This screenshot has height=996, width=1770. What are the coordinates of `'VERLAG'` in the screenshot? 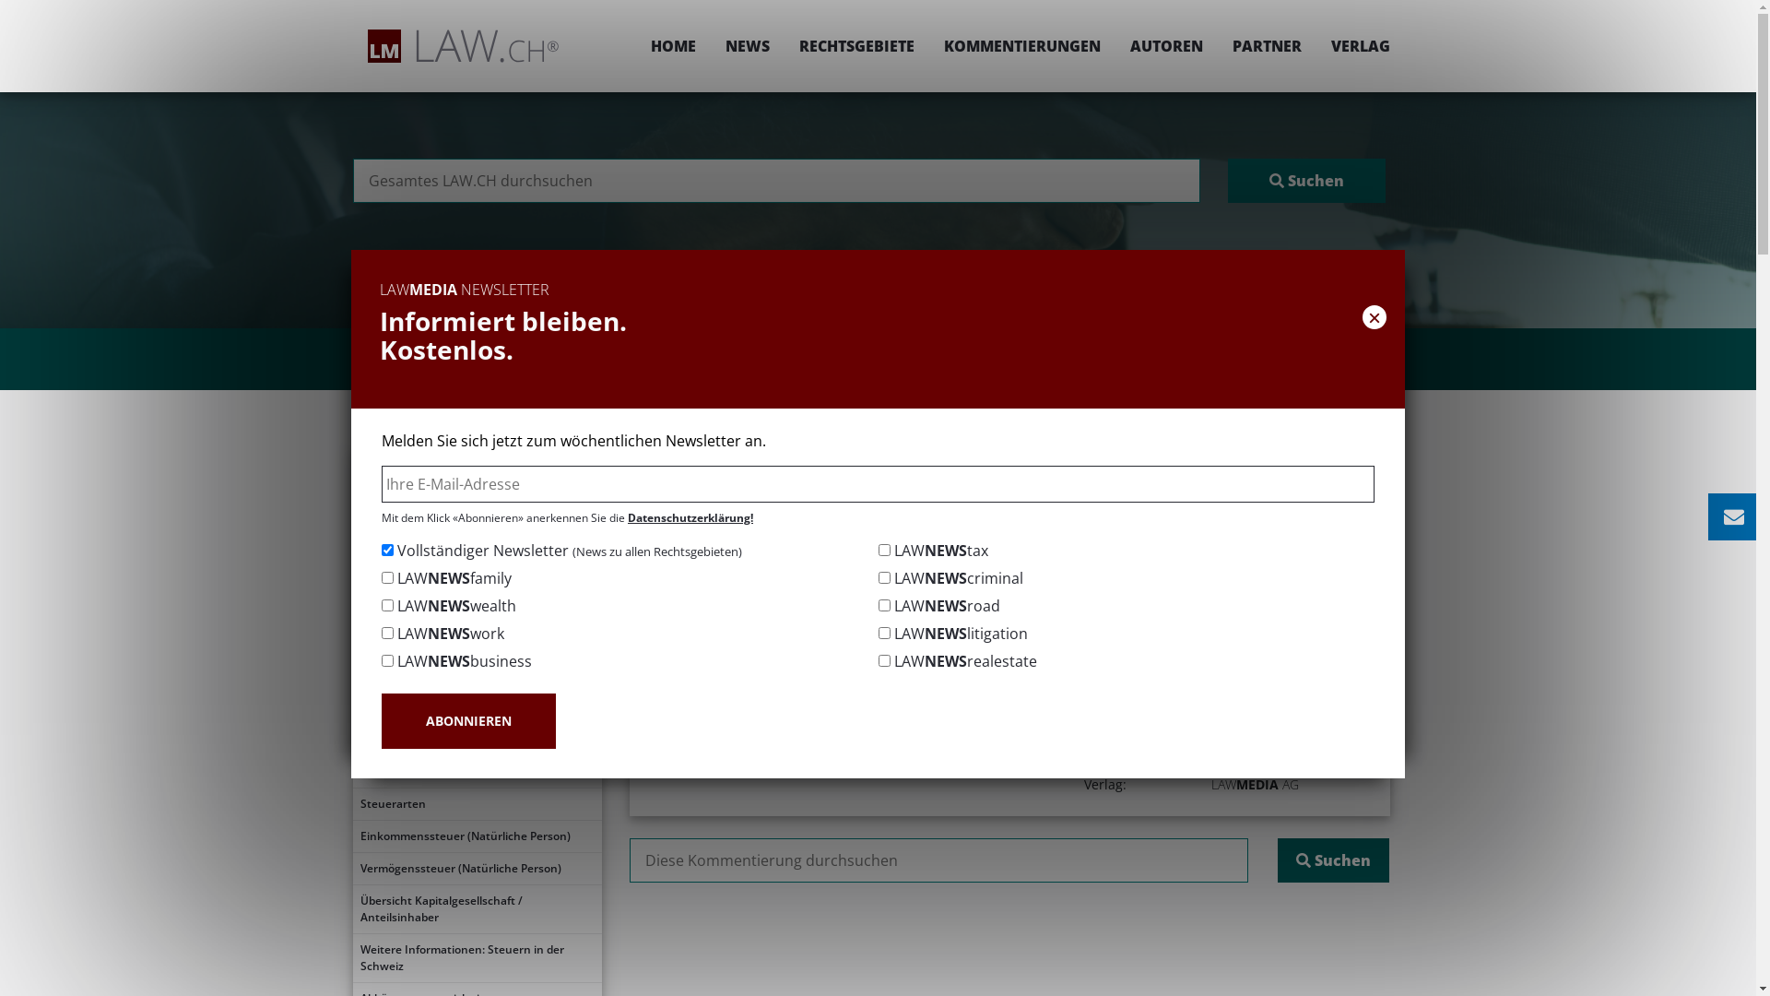 It's located at (1316, 45).